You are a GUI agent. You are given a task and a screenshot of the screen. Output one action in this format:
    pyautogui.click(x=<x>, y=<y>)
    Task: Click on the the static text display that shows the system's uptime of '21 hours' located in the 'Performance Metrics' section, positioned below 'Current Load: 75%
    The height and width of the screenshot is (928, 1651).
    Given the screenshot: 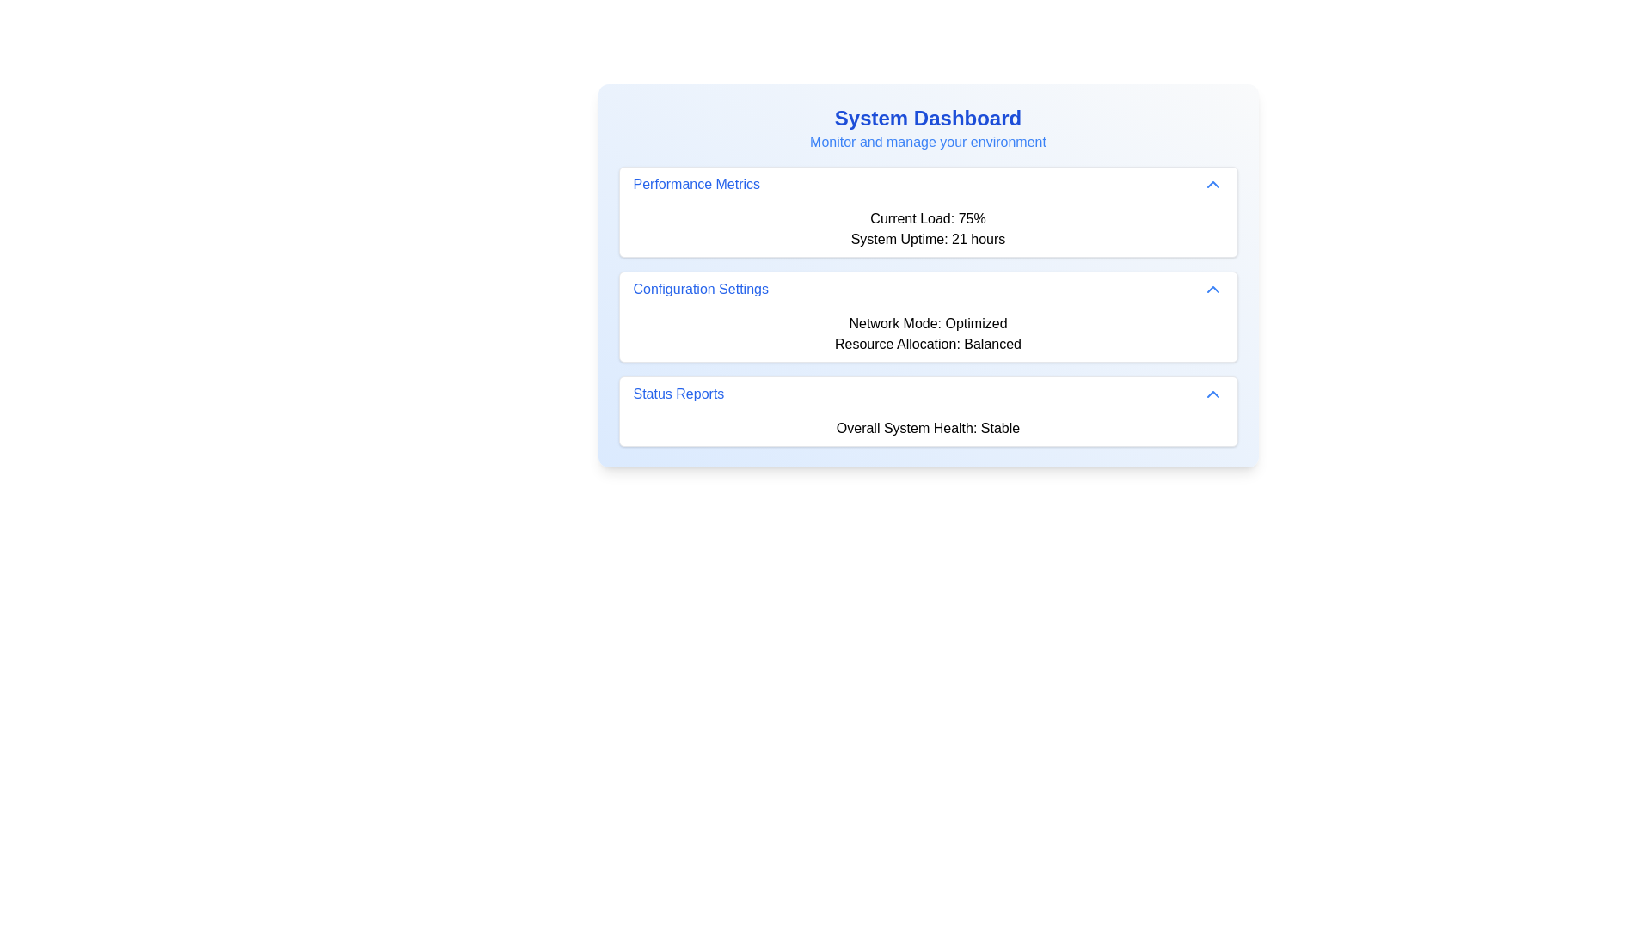 What is the action you would take?
    pyautogui.click(x=927, y=239)
    